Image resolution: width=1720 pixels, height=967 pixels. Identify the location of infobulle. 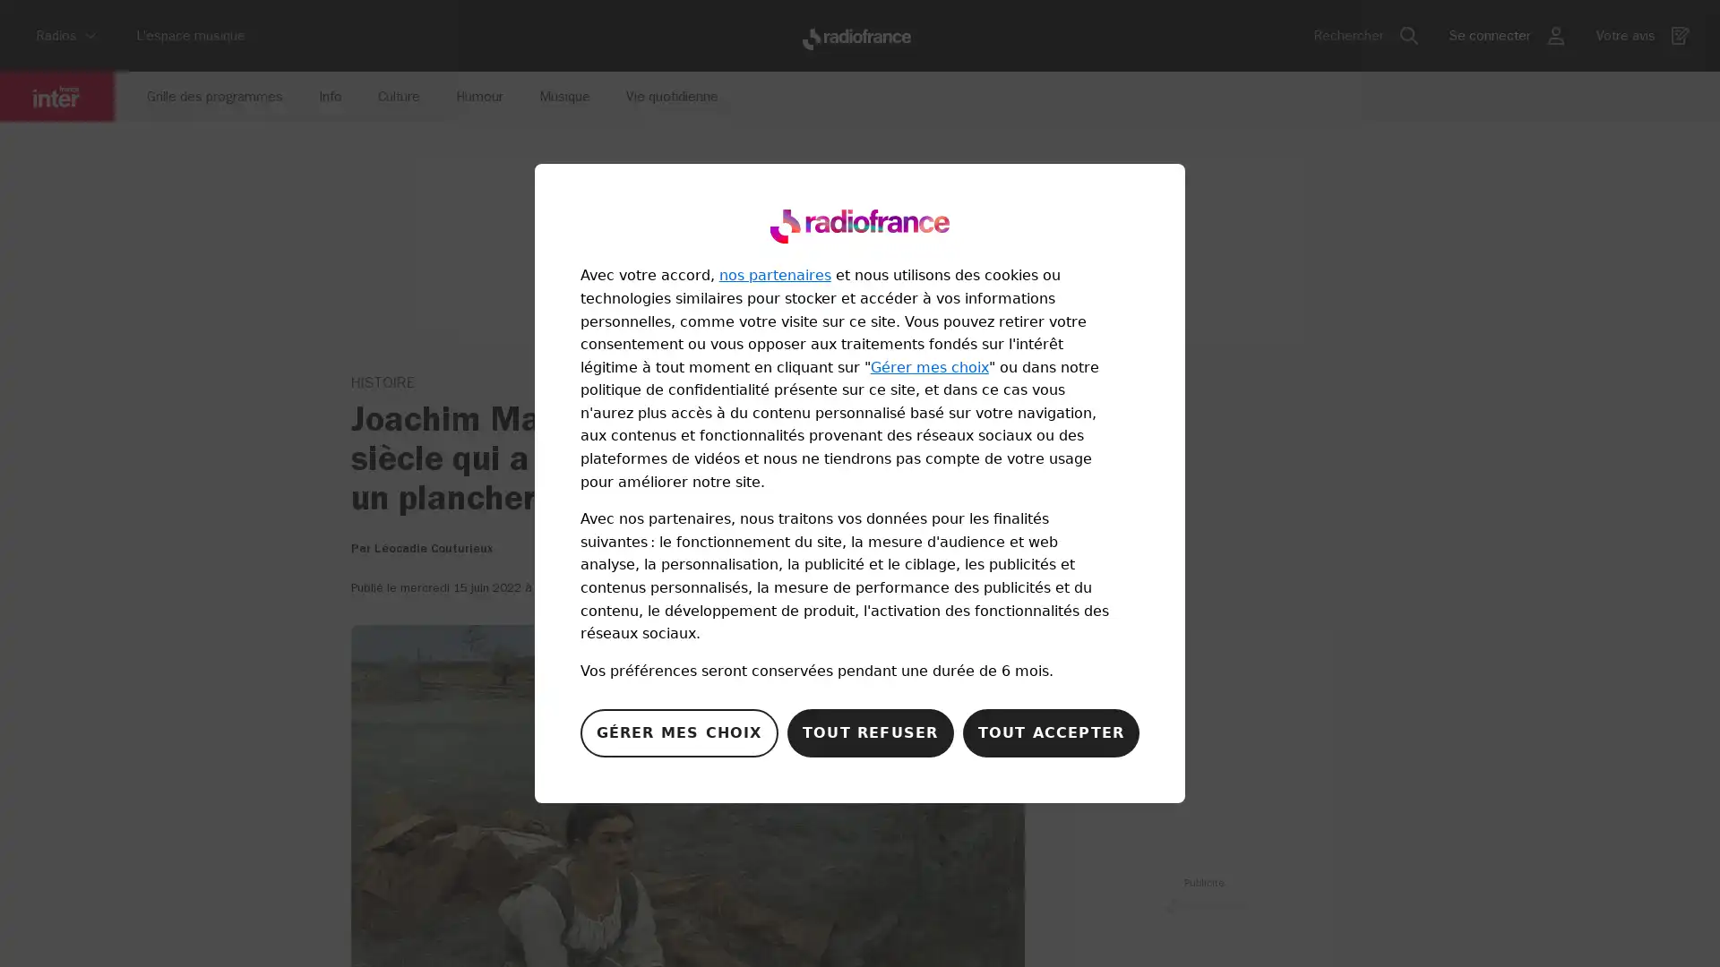
(661, 580).